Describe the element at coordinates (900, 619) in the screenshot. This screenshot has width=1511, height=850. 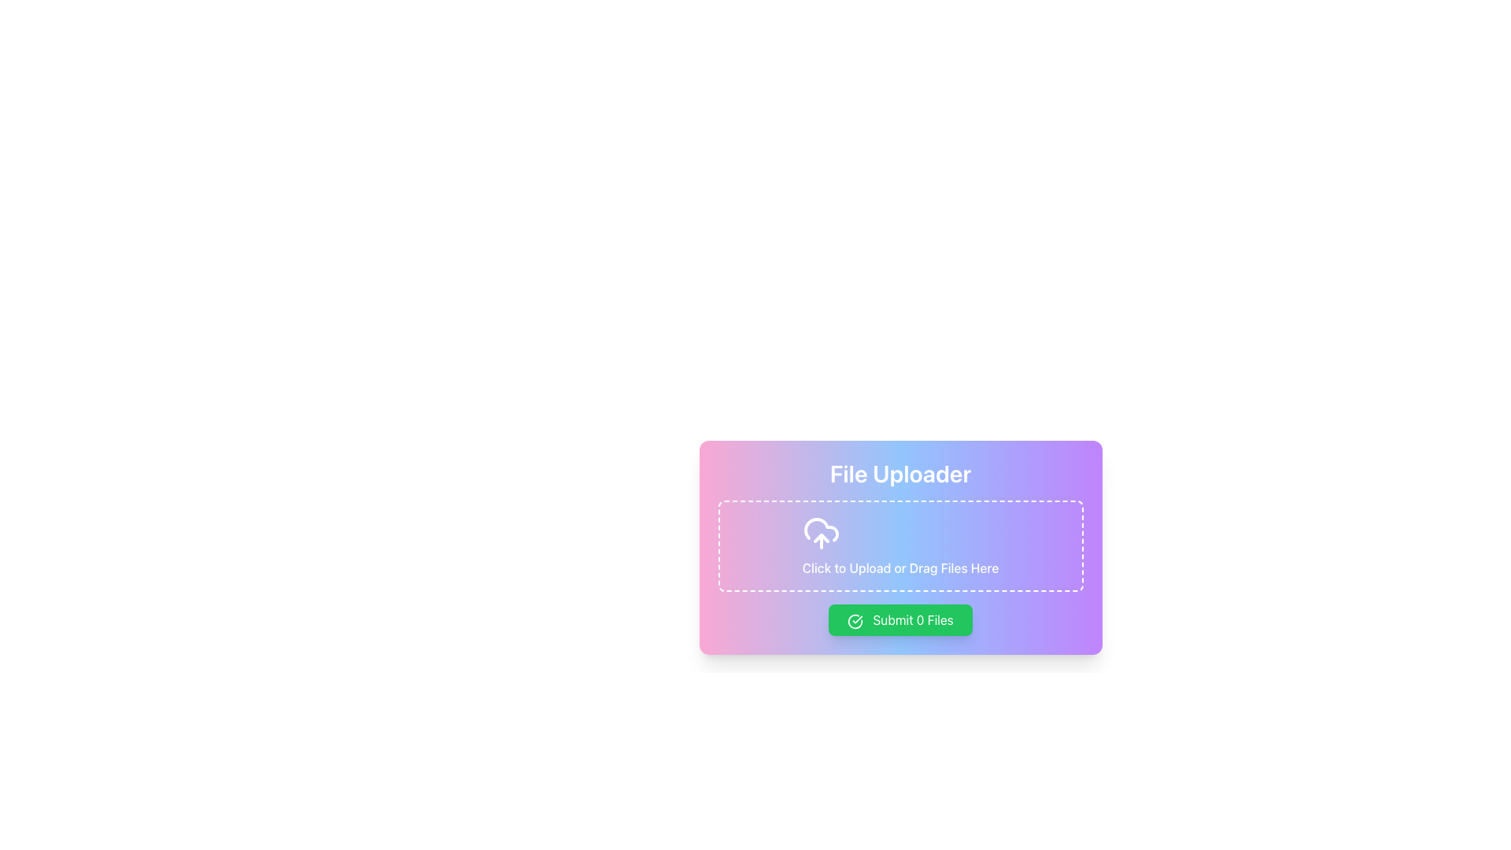
I see `the submit button located in the 'File Uploader' section below the dashed box for file upload` at that location.